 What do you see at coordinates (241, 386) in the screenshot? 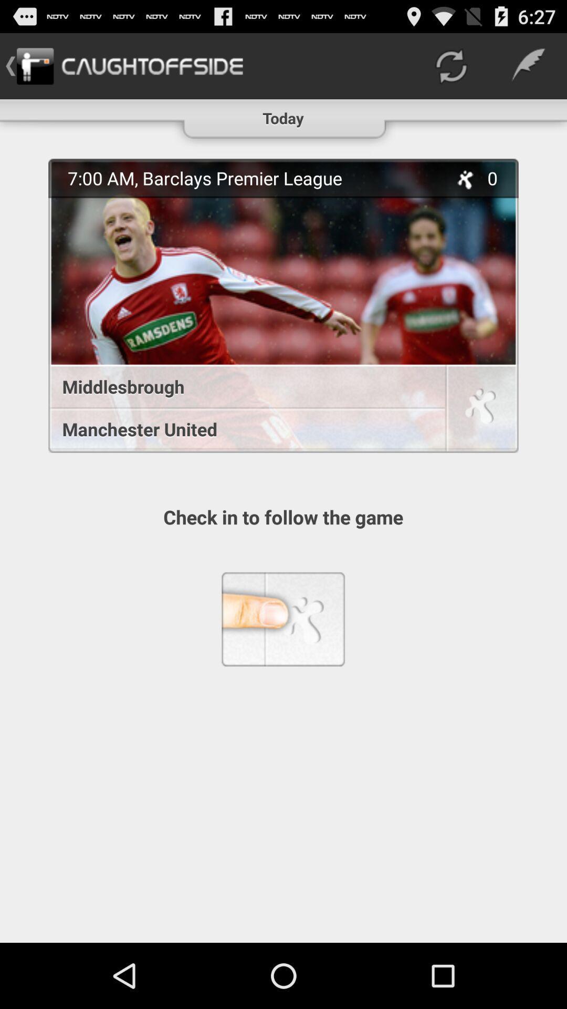
I see `app above manchester united item` at bounding box center [241, 386].